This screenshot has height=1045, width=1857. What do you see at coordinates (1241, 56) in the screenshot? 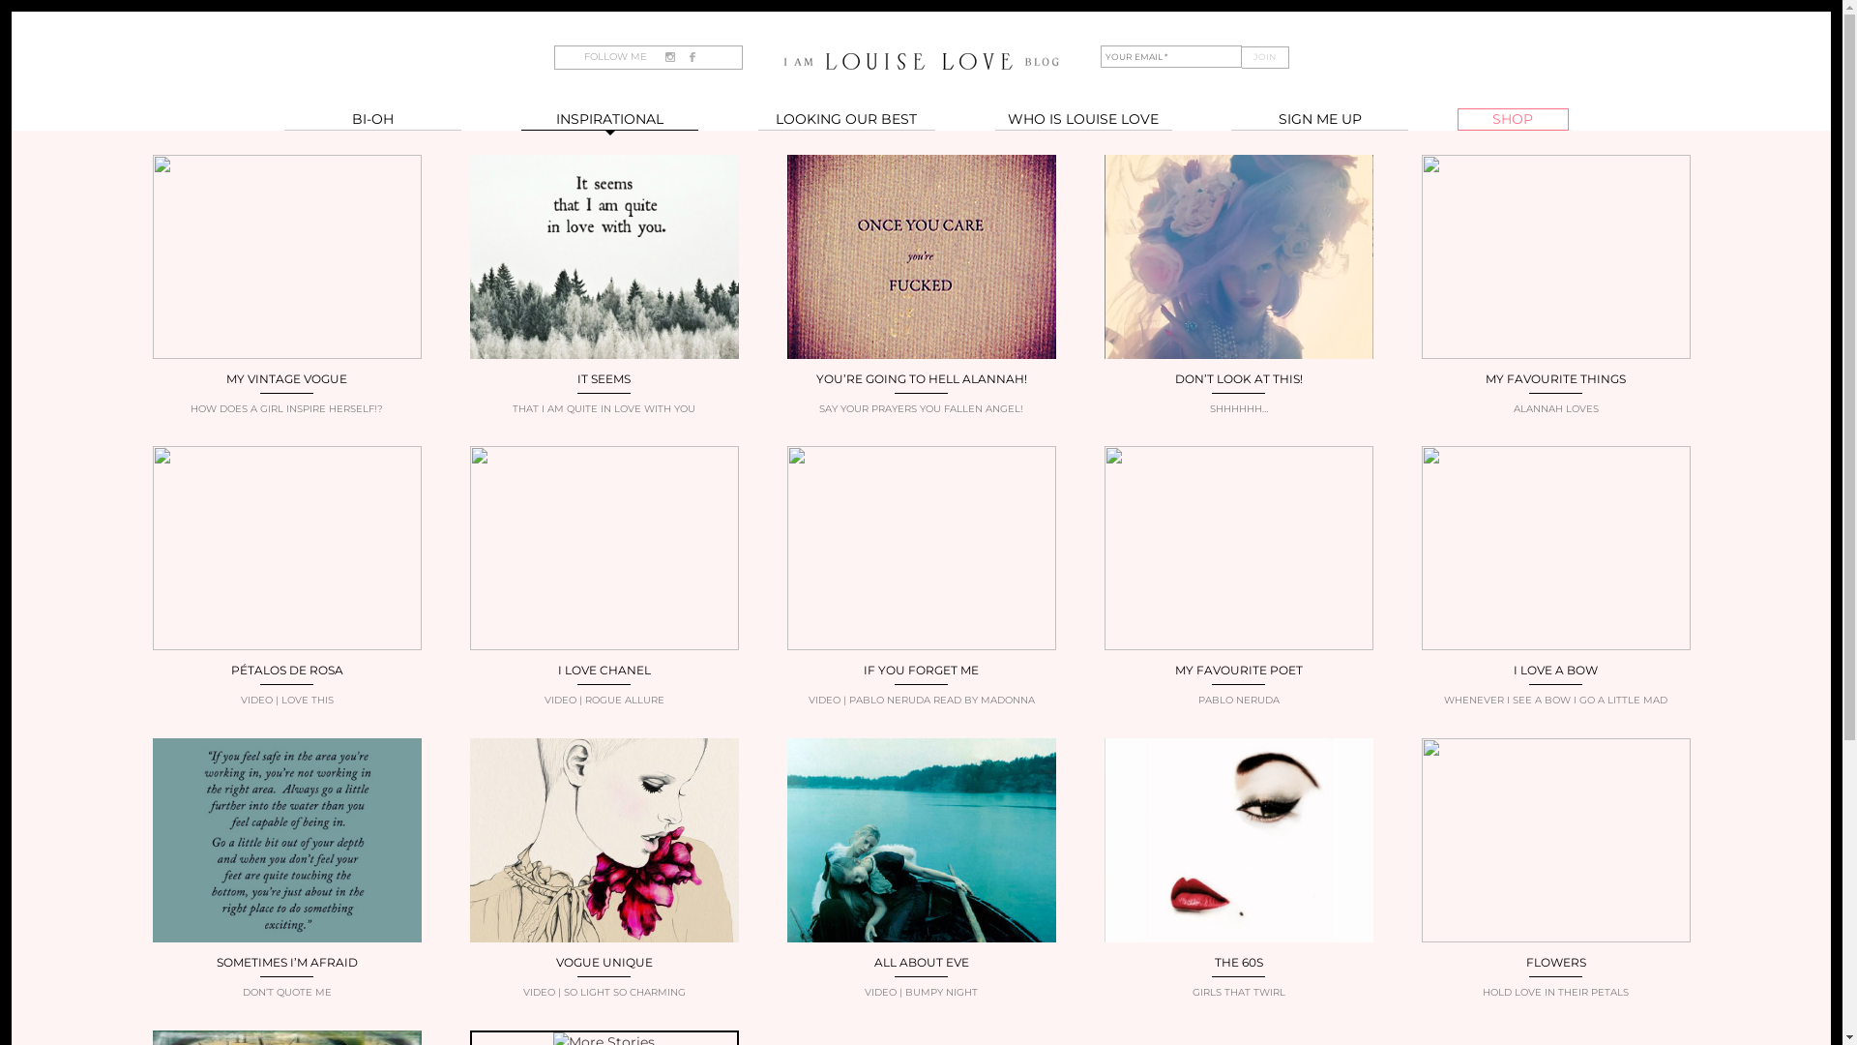
I see `'Join'` at bounding box center [1241, 56].